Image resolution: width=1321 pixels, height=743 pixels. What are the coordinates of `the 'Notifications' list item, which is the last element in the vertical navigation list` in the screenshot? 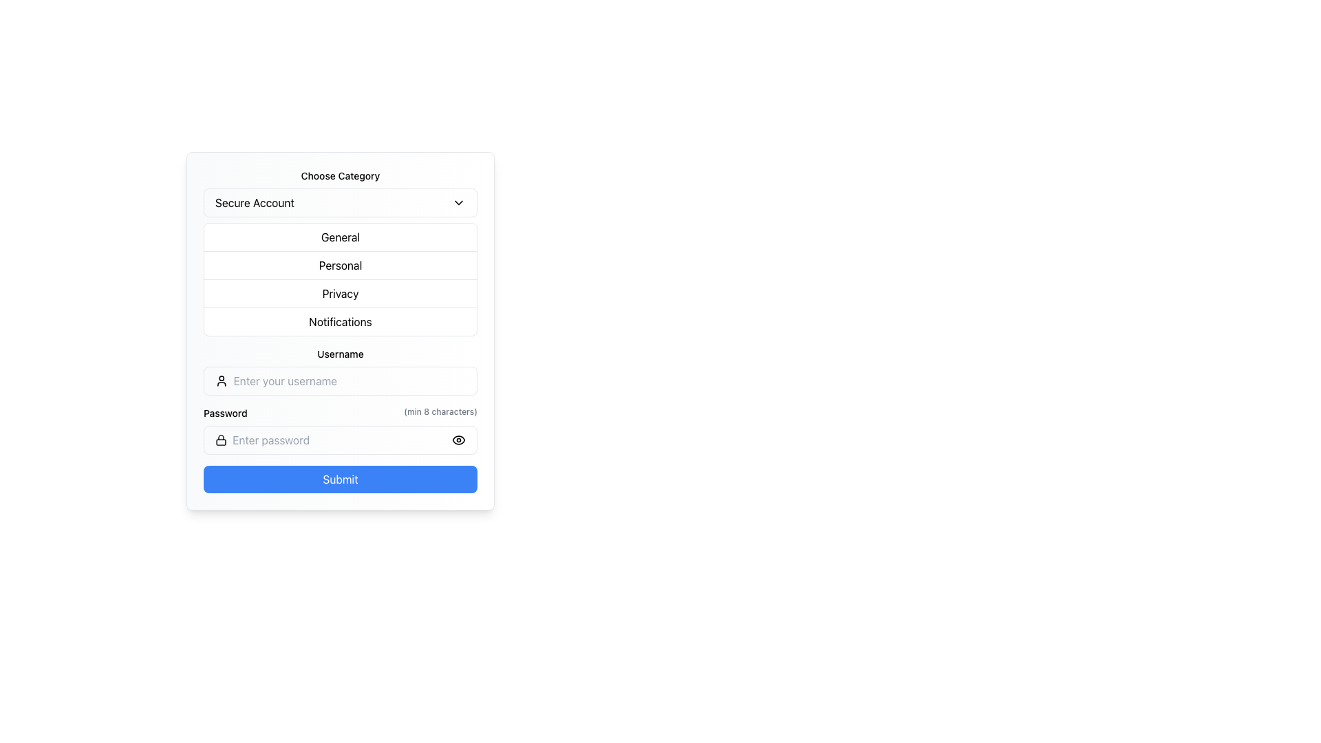 It's located at (340, 321).